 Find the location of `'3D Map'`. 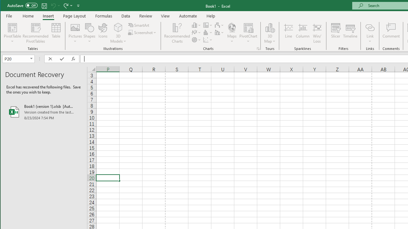

'3D Map' is located at coordinates (270, 33).